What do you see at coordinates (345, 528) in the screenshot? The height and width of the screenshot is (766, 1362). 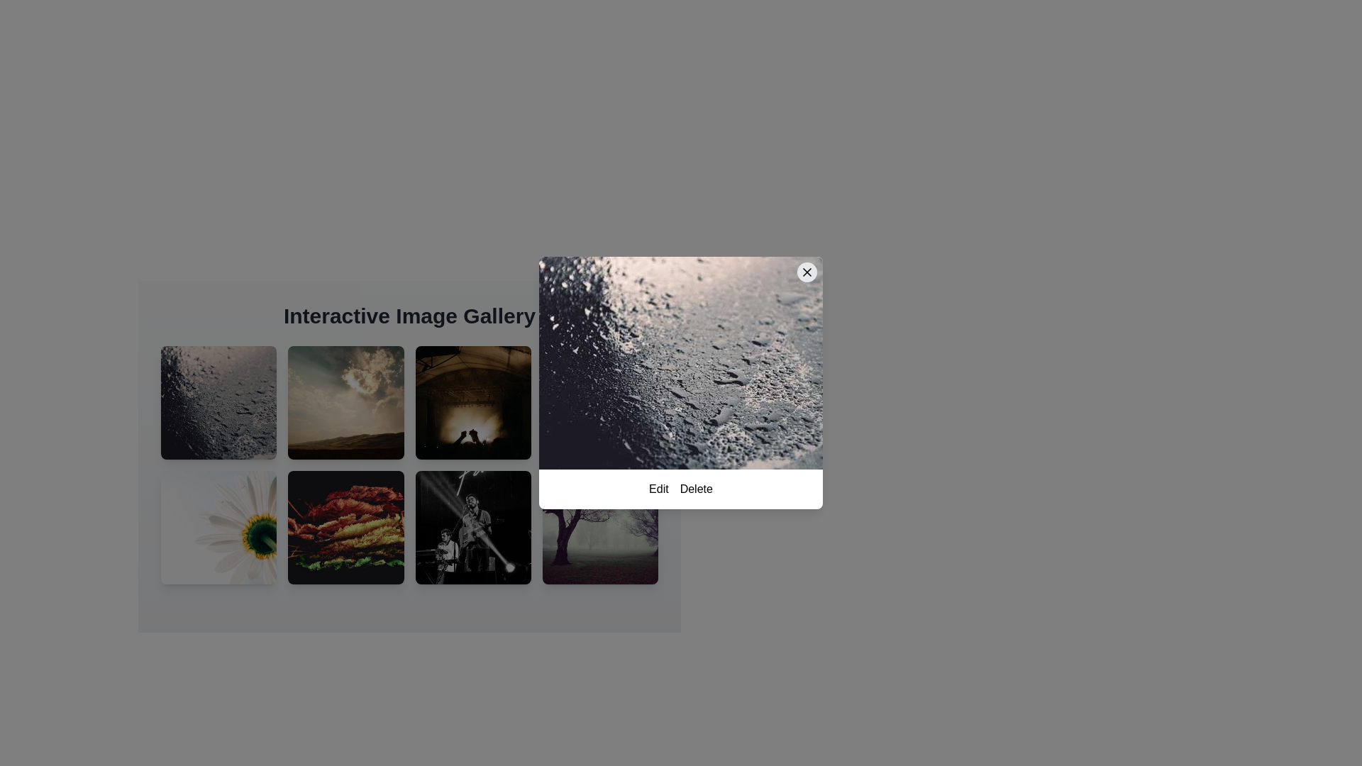 I see `the image tile displaying red and green fern-like structures` at bounding box center [345, 528].